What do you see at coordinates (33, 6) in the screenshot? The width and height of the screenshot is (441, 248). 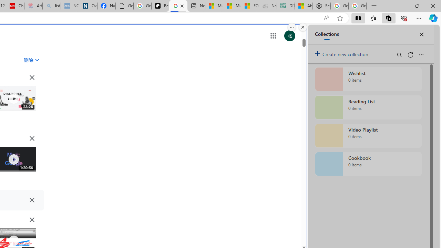 I see `'Arthritis: Ask Health Professionals - Sleeping'` at bounding box center [33, 6].